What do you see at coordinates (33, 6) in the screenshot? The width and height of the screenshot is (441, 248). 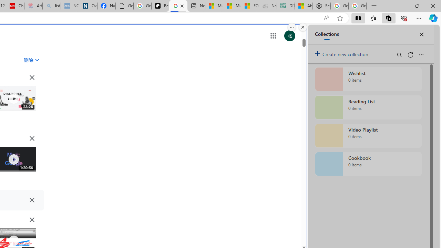 I see `'Arthritis: Ask Health Professionals - Sleeping'` at bounding box center [33, 6].